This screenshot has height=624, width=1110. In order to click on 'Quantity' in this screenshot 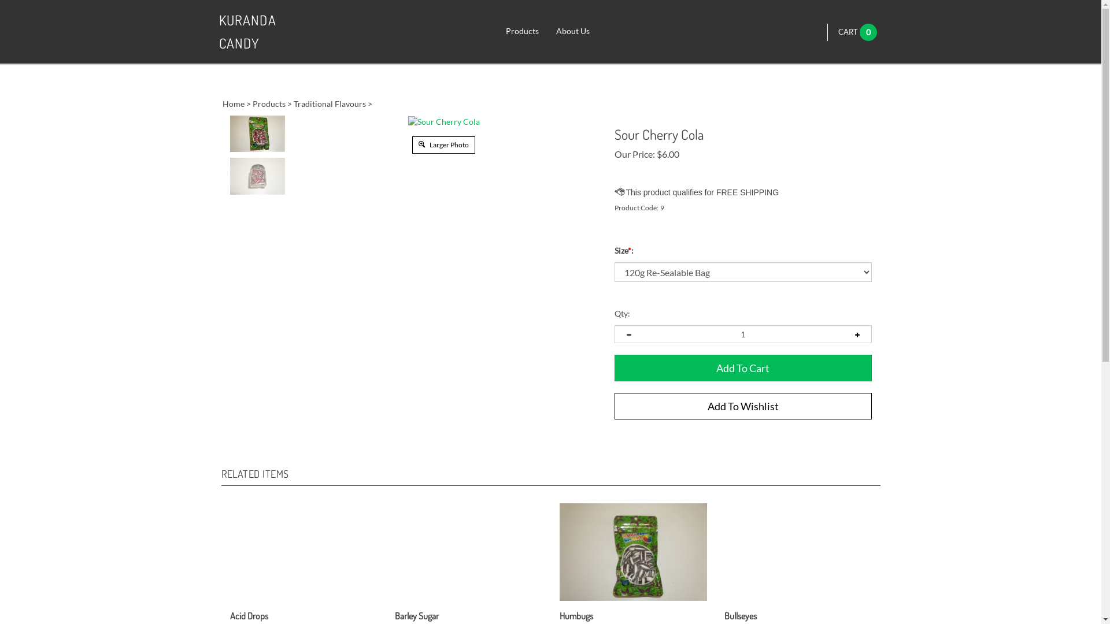, I will do `click(742, 334)`.